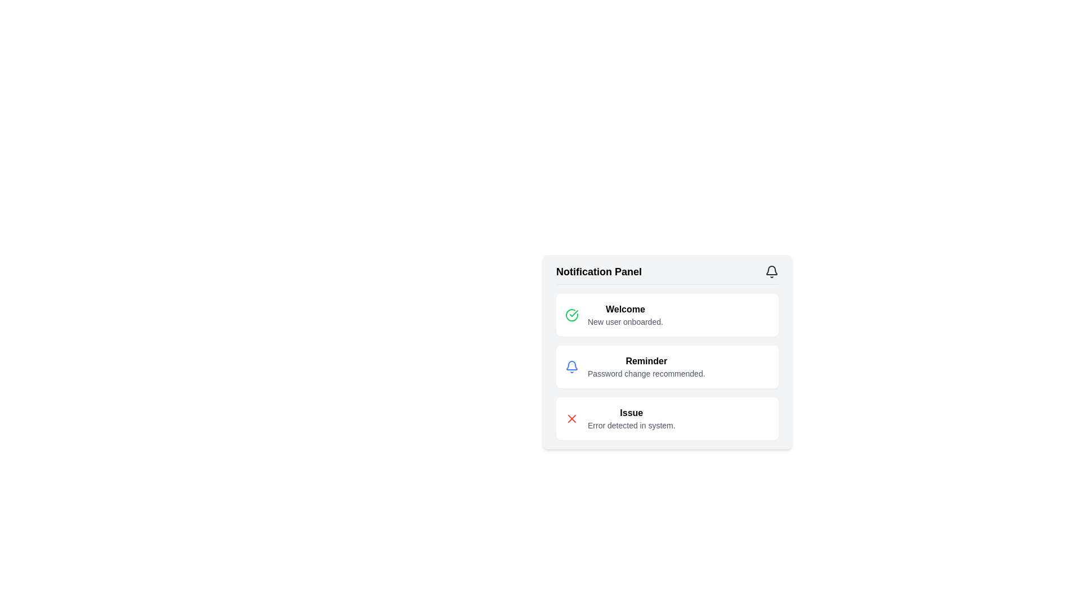 The height and width of the screenshot is (608, 1081). What do you see at coordinates (646, 361) in the screenshot?
I see `text label displaying 'Reminder' which is centrally located in the notification panel and is the second header above 'Password change recommended'` at bounding box center [646, 361].